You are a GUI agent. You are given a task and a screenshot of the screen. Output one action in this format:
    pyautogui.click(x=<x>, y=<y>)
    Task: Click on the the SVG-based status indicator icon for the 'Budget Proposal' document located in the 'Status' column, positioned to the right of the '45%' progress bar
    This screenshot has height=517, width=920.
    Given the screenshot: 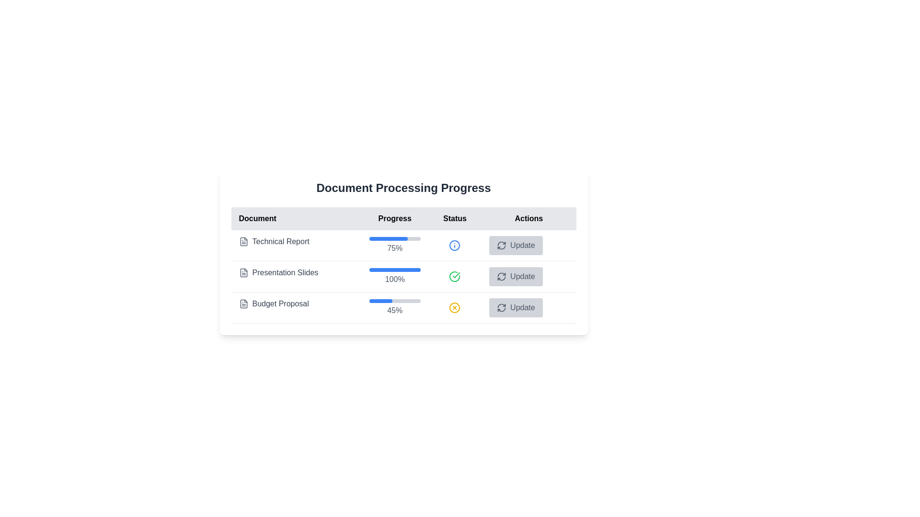 What is the action you would take?
    pyautogui.click(x=454, y=308)
    